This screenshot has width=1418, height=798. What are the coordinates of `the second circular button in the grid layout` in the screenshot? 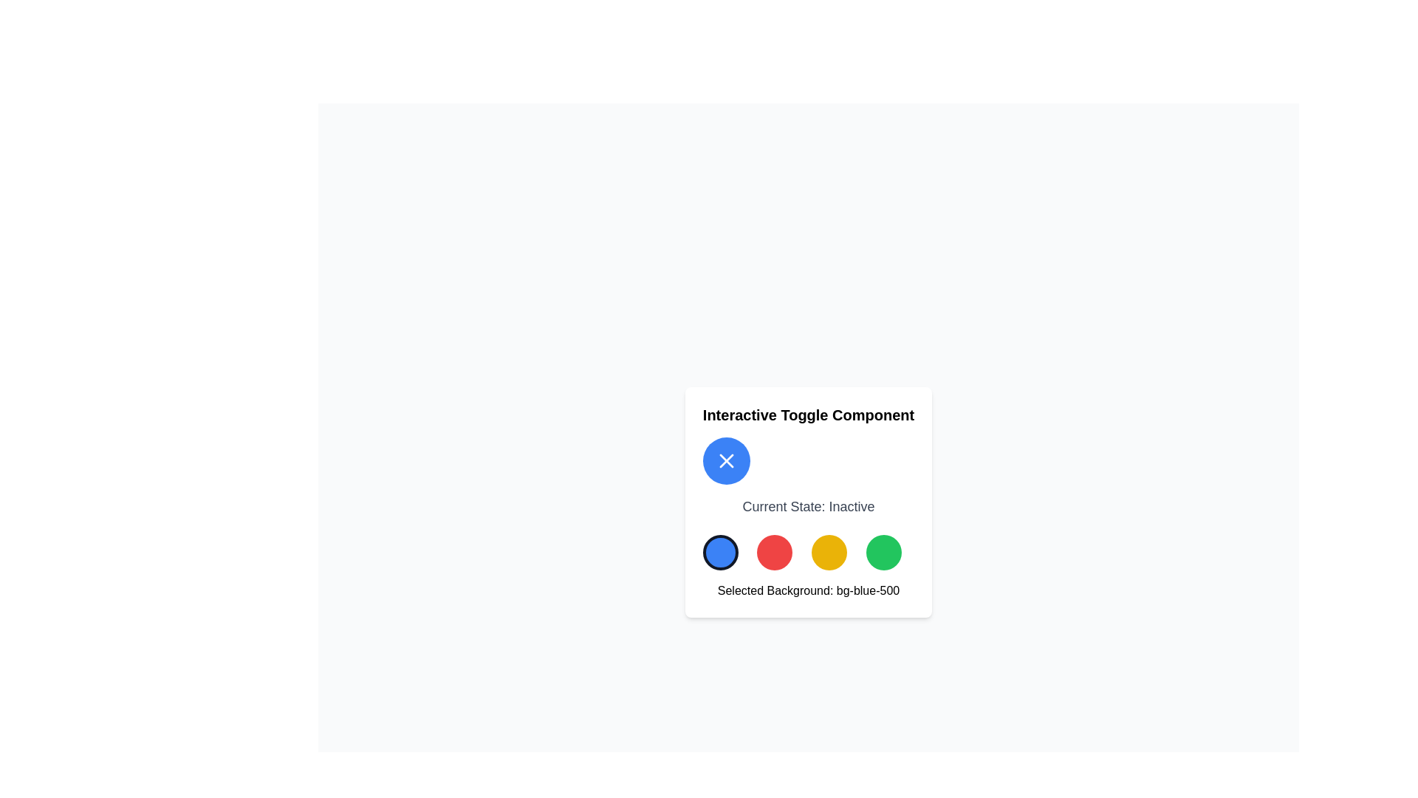 It's located at (774, 553).